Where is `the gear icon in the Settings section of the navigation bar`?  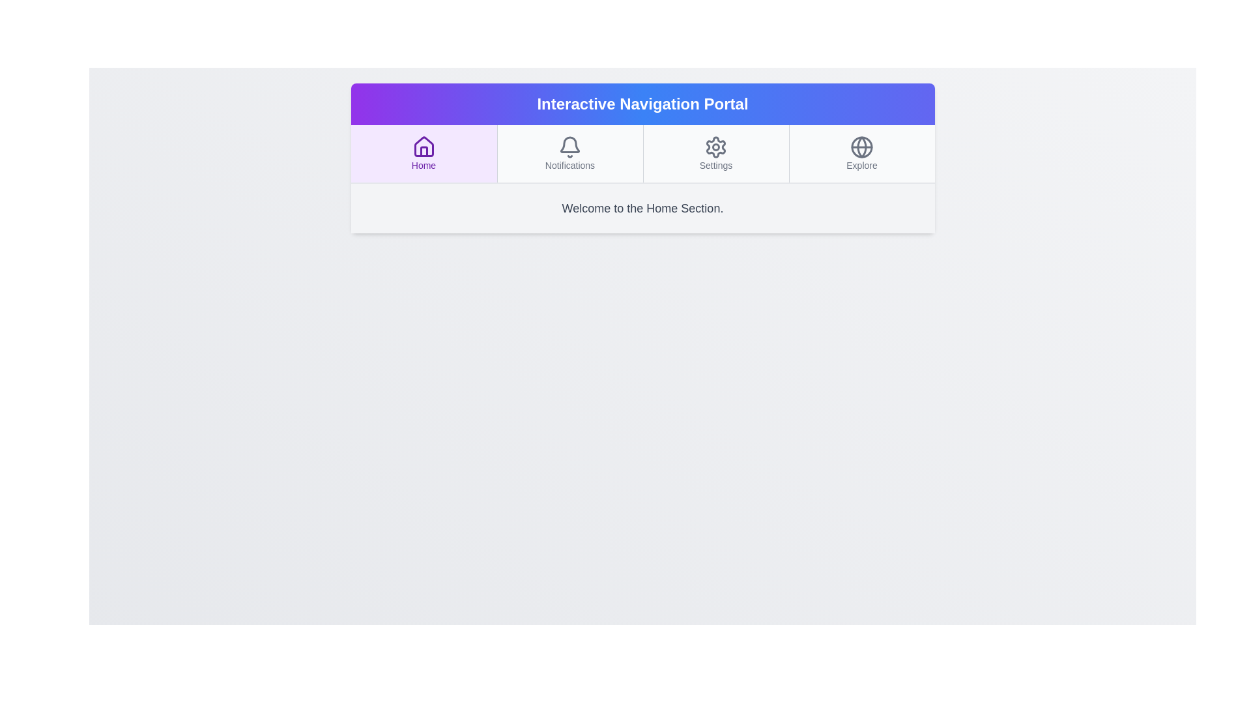 the gear icon in the Settings section of the navigation bar is located at coordinates (715, 147).